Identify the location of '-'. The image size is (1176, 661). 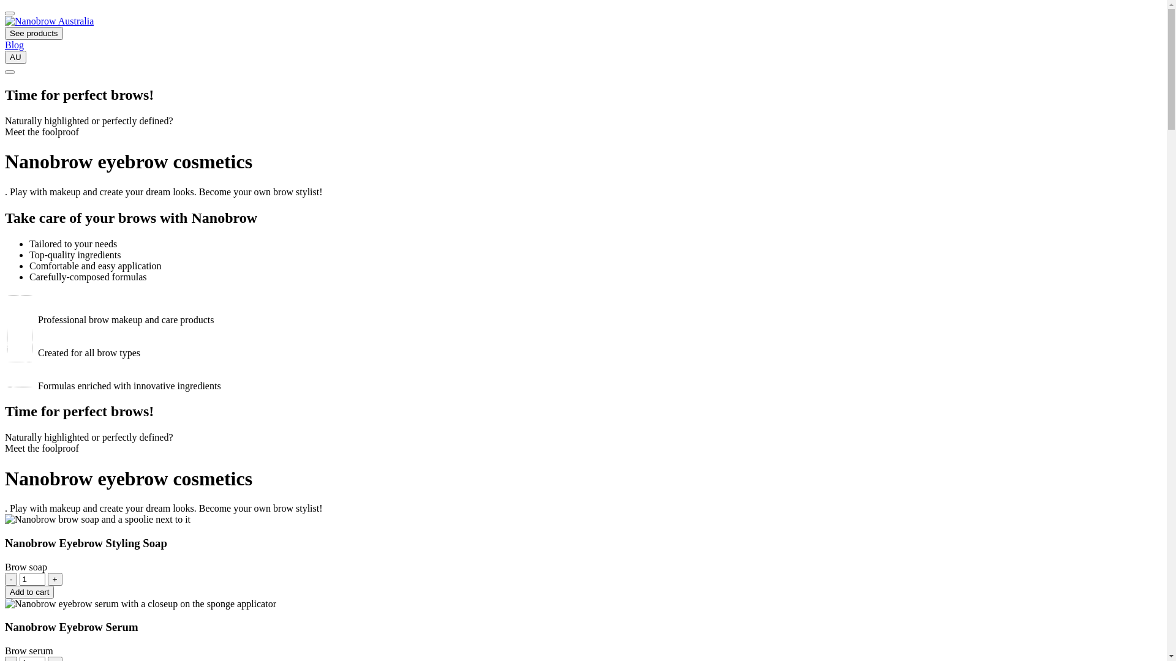
(11, 578).